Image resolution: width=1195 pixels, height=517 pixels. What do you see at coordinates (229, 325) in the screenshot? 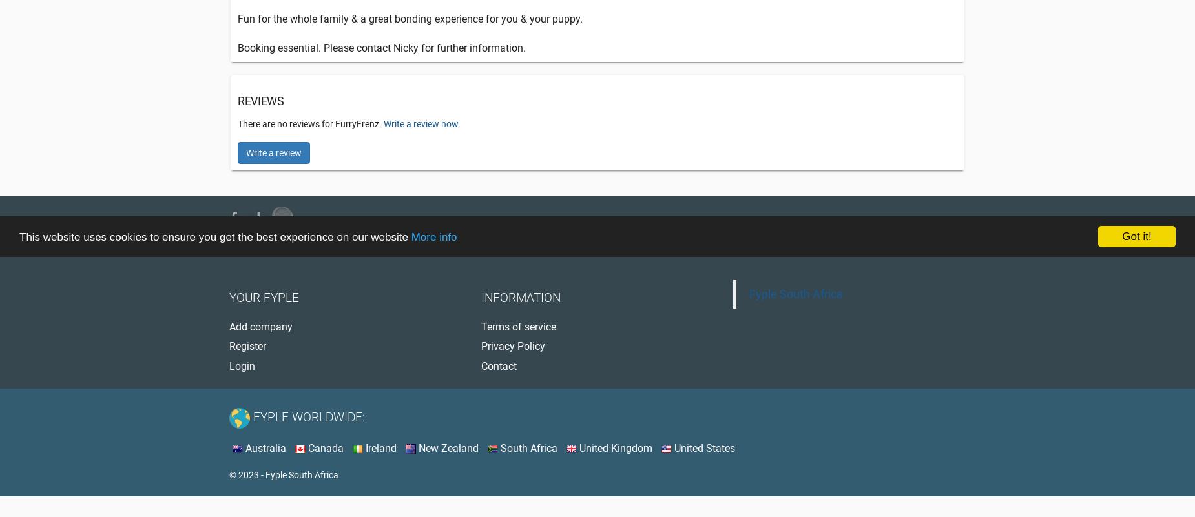
I see `'Add company'` at bounding box center [229, 325].